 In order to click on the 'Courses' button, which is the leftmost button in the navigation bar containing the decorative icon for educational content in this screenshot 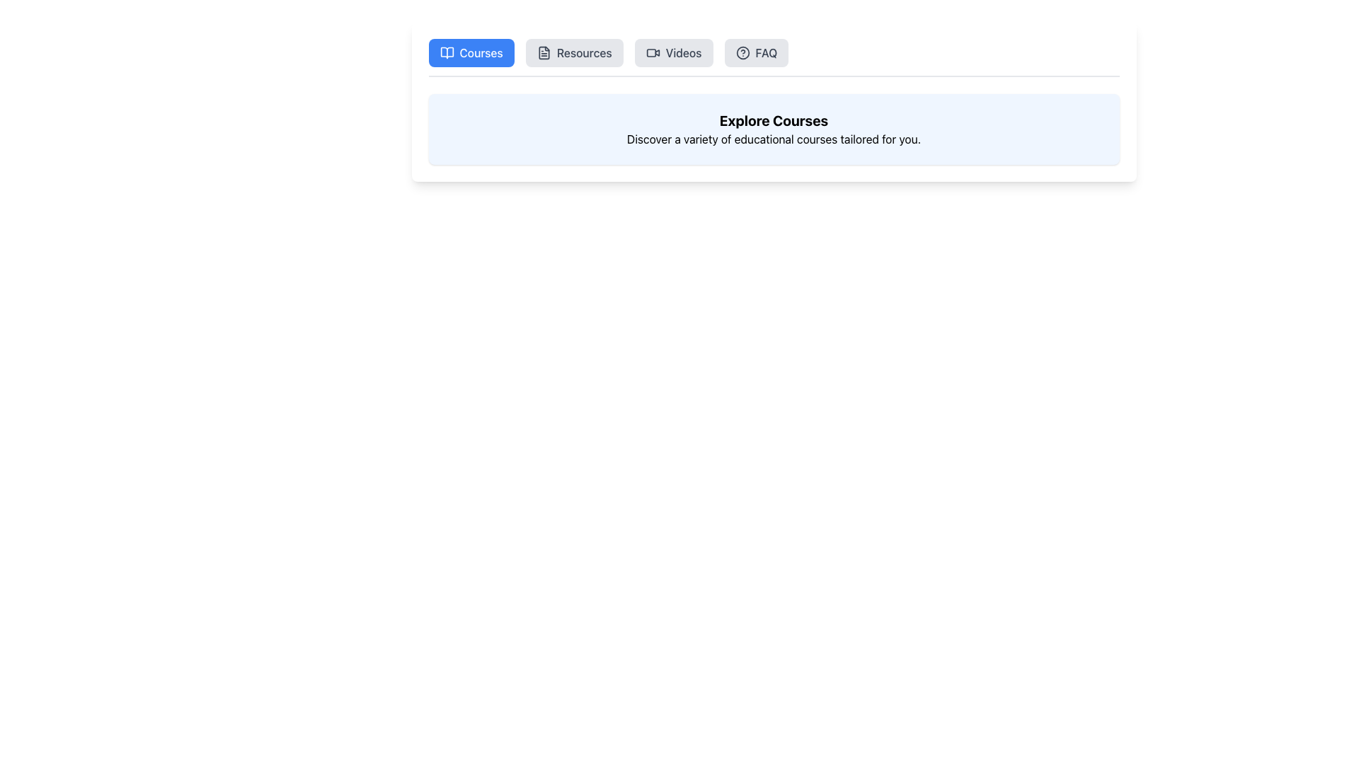, I will do `click(446, 52)`.